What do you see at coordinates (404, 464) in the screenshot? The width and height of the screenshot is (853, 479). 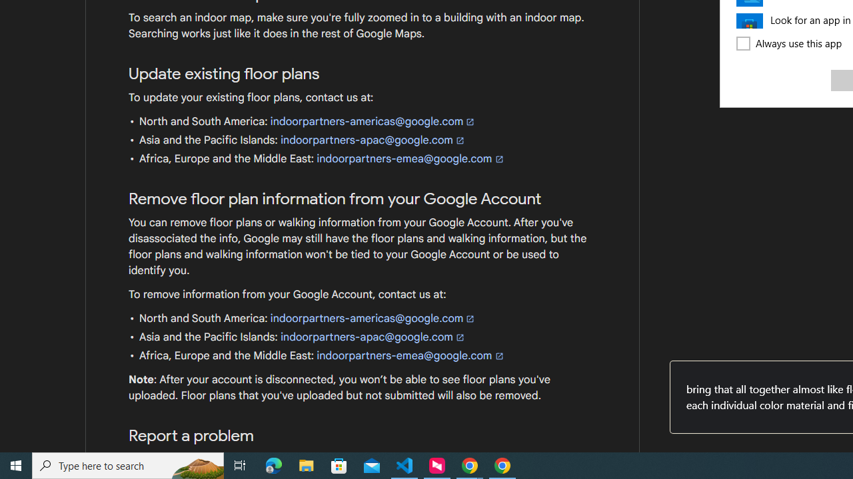 I see `'Visual Studio Code - 1 running window'` at bounding box center [404, 464].